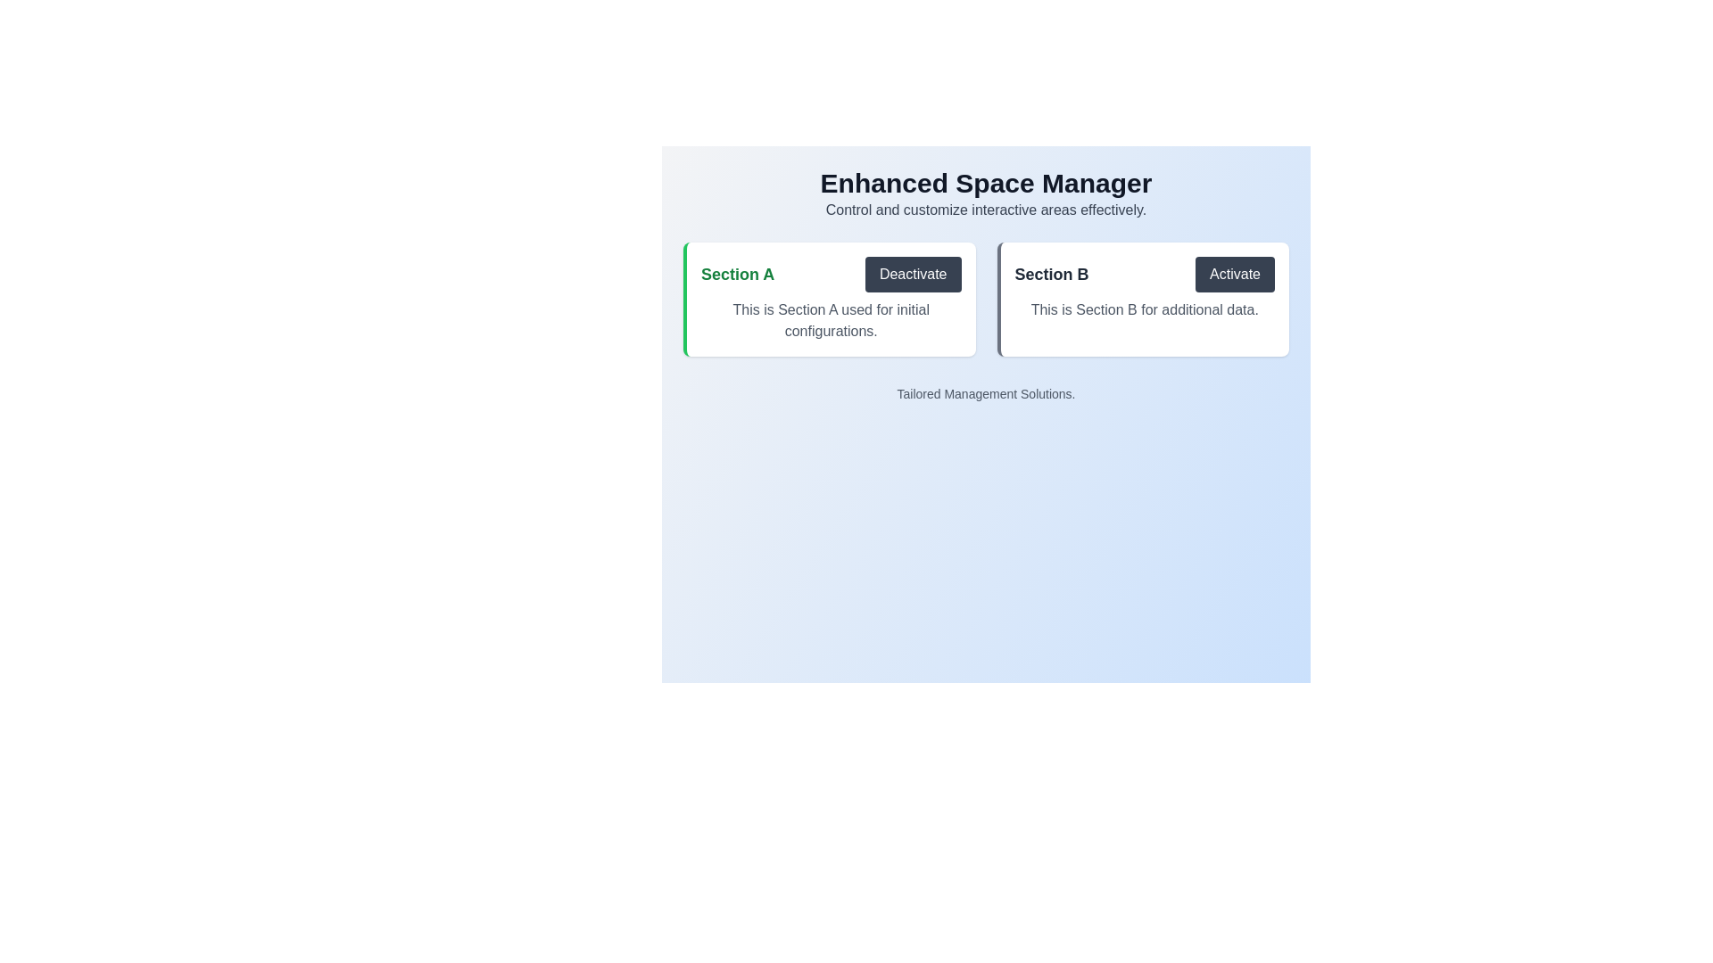 The height and width of the screenshot is (963, 1713). I want to click on the text element displaying 'This is Section B for additional data.' which is styled in light gray and positioned below 'Section B' and the 'Activate' button, so click(1145, 309).